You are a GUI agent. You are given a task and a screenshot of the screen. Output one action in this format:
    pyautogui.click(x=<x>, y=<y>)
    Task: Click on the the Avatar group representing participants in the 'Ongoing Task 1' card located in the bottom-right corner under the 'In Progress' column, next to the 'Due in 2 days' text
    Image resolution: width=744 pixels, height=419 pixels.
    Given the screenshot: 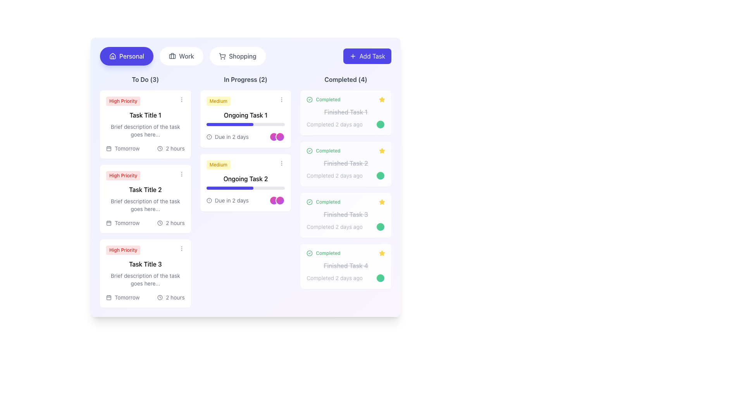 What is the action you would take?
    pyautogui.click(x=277, y=137)
    